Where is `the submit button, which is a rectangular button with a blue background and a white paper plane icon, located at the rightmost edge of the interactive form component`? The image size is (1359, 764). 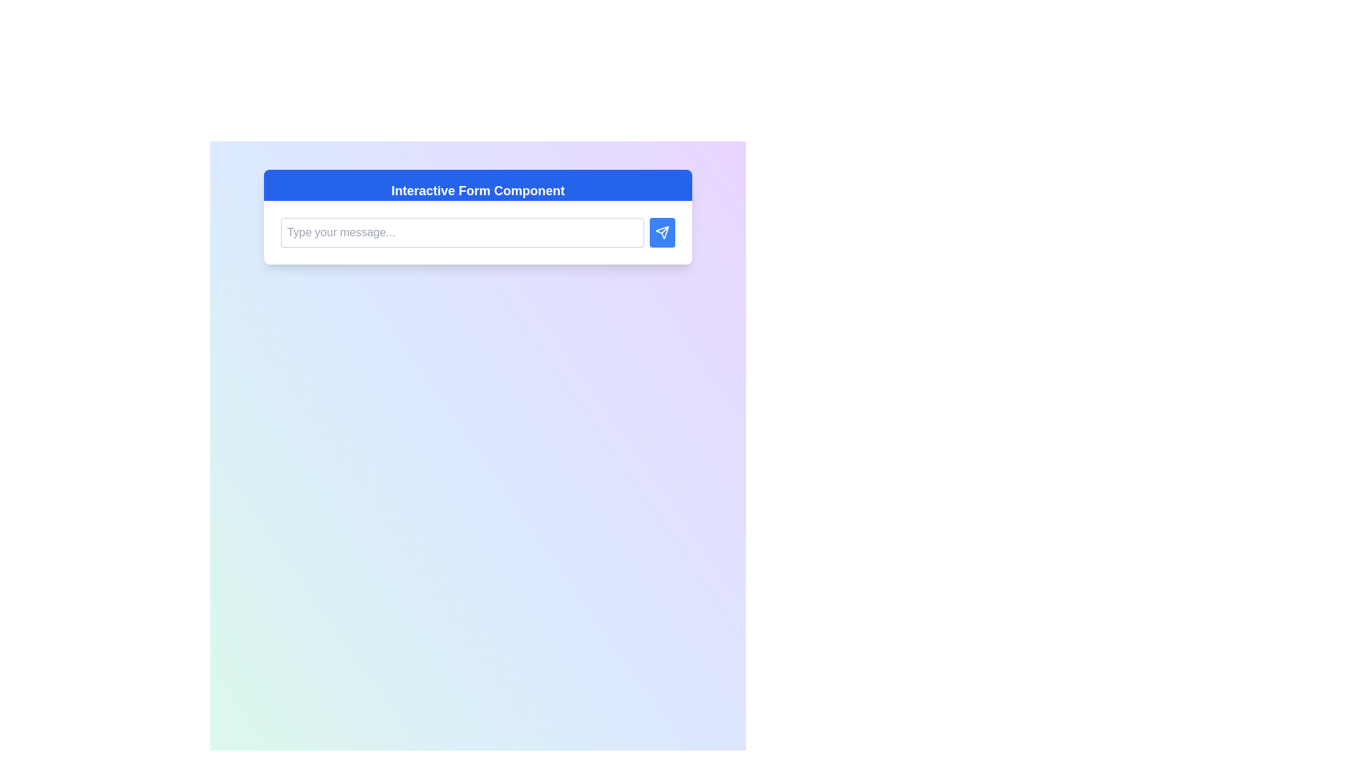
the submit button, which is a rectangular button with a blue background and a white paper plane icon, located at the rightmost edge of the interactive form component is located at coordinates (662, 231).